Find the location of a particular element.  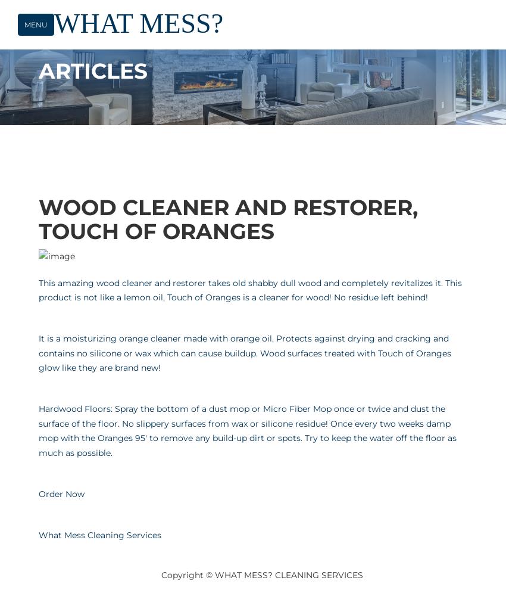

'This amazing wood cleaner and restorer takes old shabby dull wood and completely revitalizes it. This product is not like a lemon oil, Touch of Oranges is a cleaner for wood! No residue left behind!' is located at coordinates (250, 289).